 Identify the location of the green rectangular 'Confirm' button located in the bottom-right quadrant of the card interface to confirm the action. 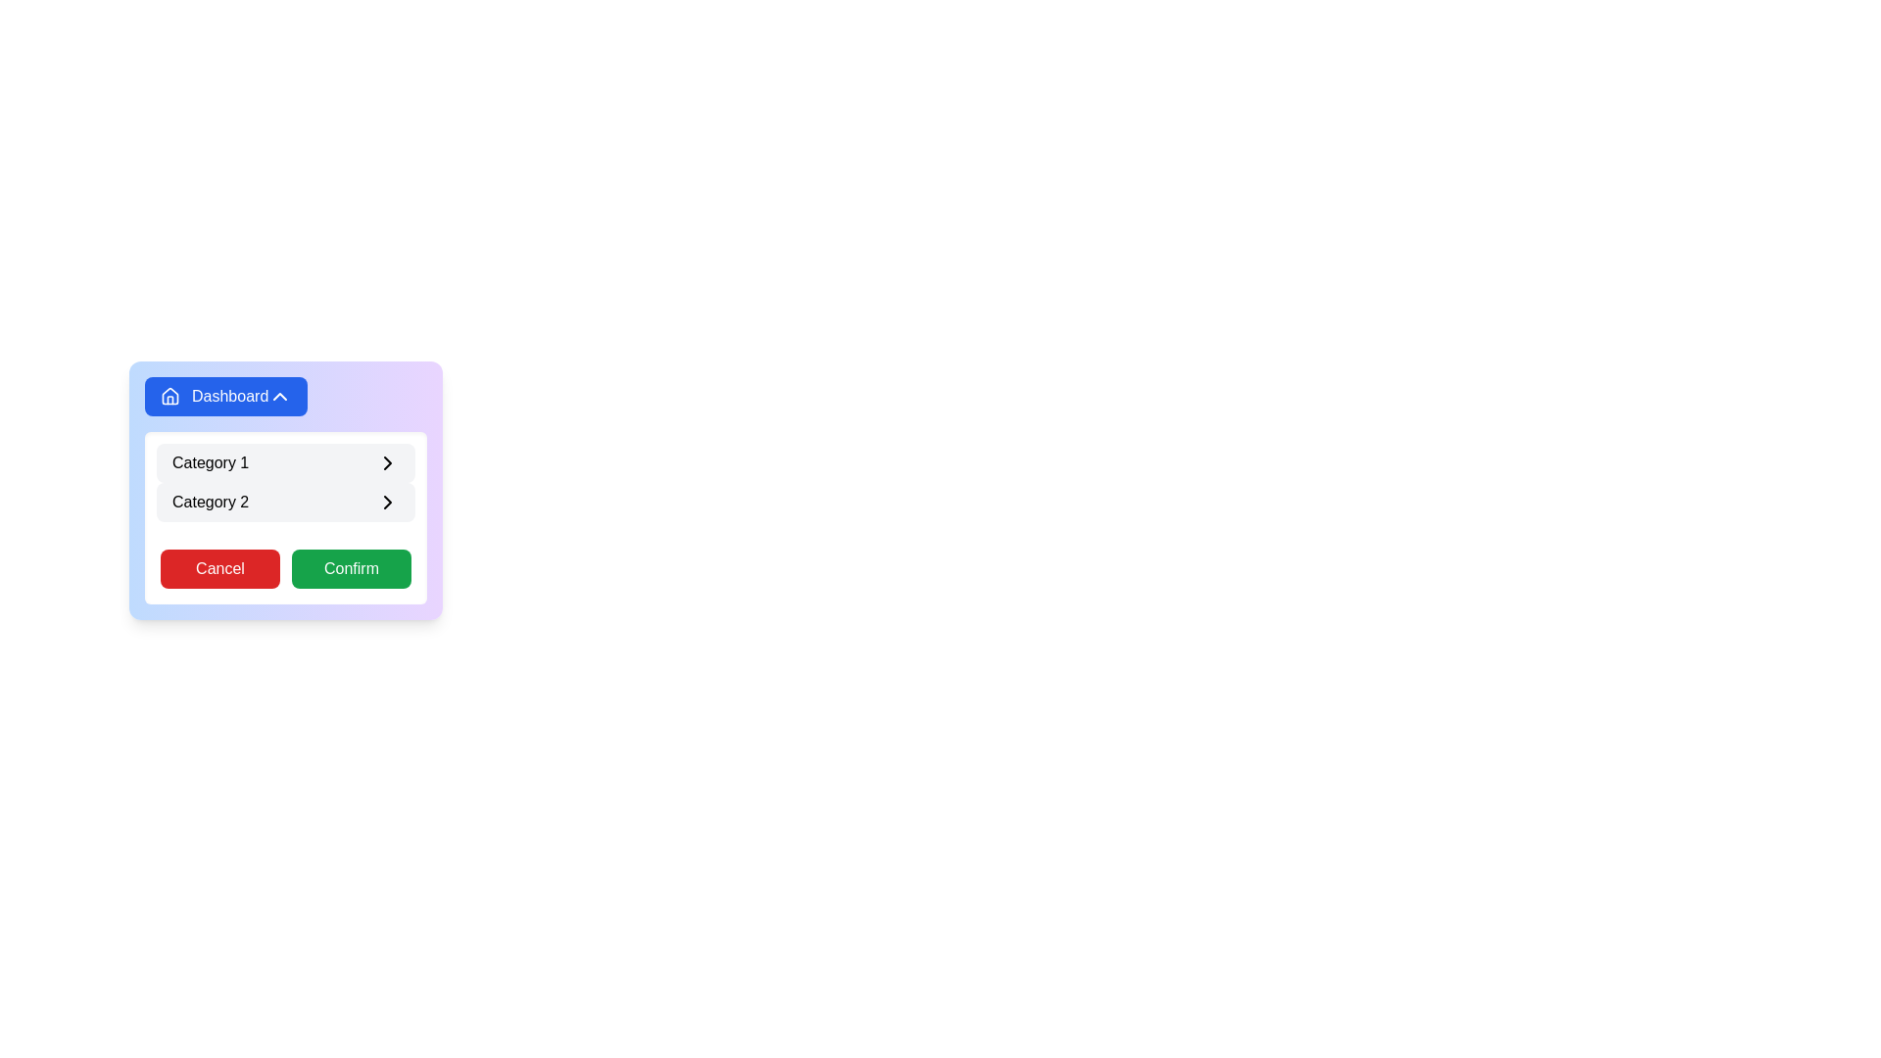
(352, 569).